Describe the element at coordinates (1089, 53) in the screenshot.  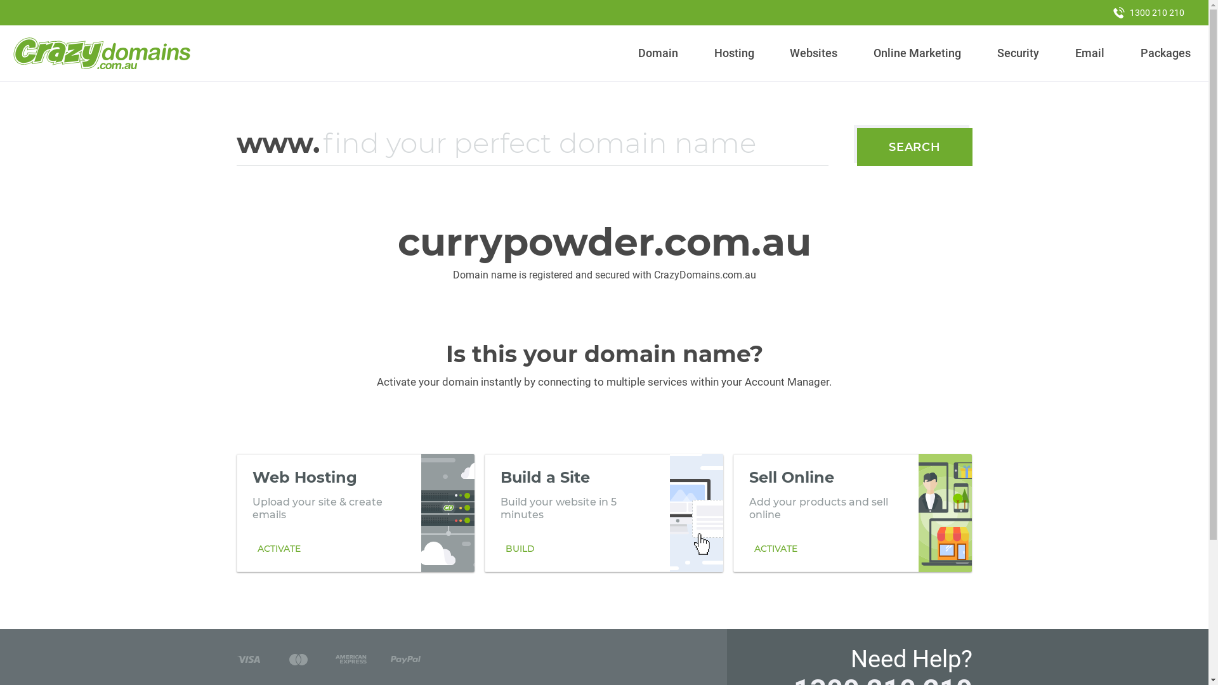
I see `'Email'` at that location.